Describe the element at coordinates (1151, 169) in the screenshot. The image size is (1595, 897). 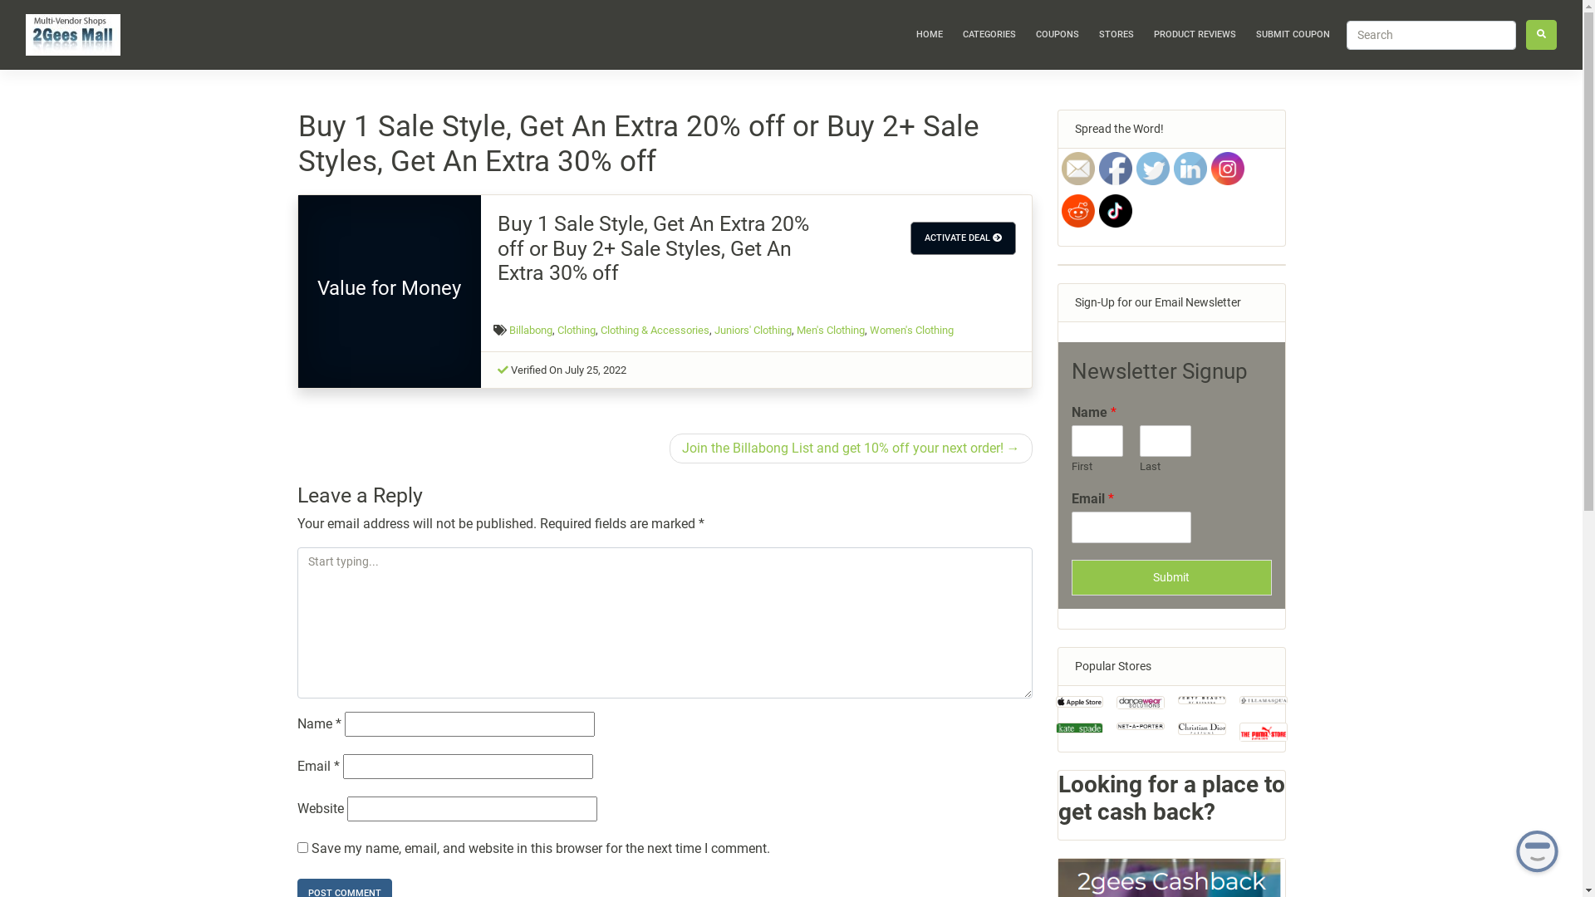
I see `'Twitter'` at that location.